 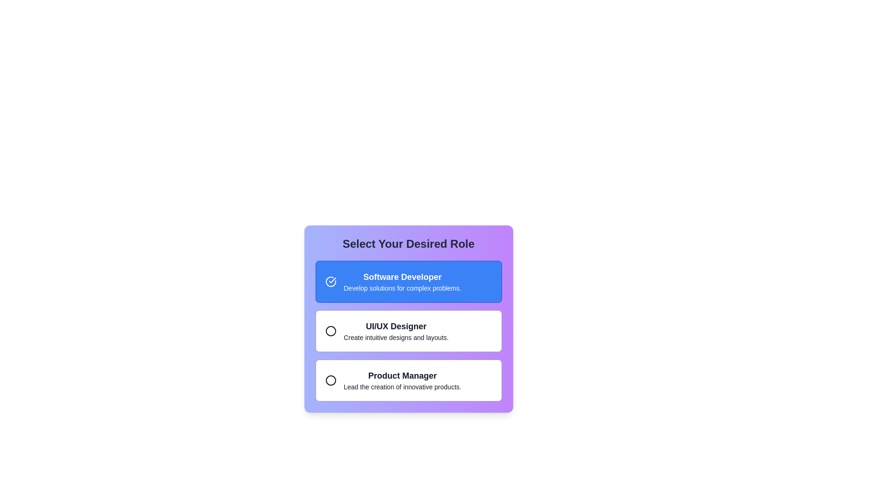 What do you see at coordinates (396, 326) in the screenshot?
I see `the 'UI/UX Designer' text label, which is displayed in bold and slightly larger font size at the top of the selection menu` at bounding box center [396, 326].